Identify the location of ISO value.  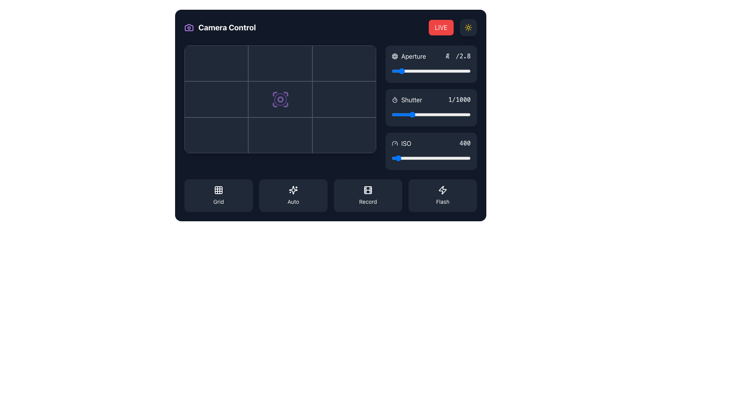
(420, 158).